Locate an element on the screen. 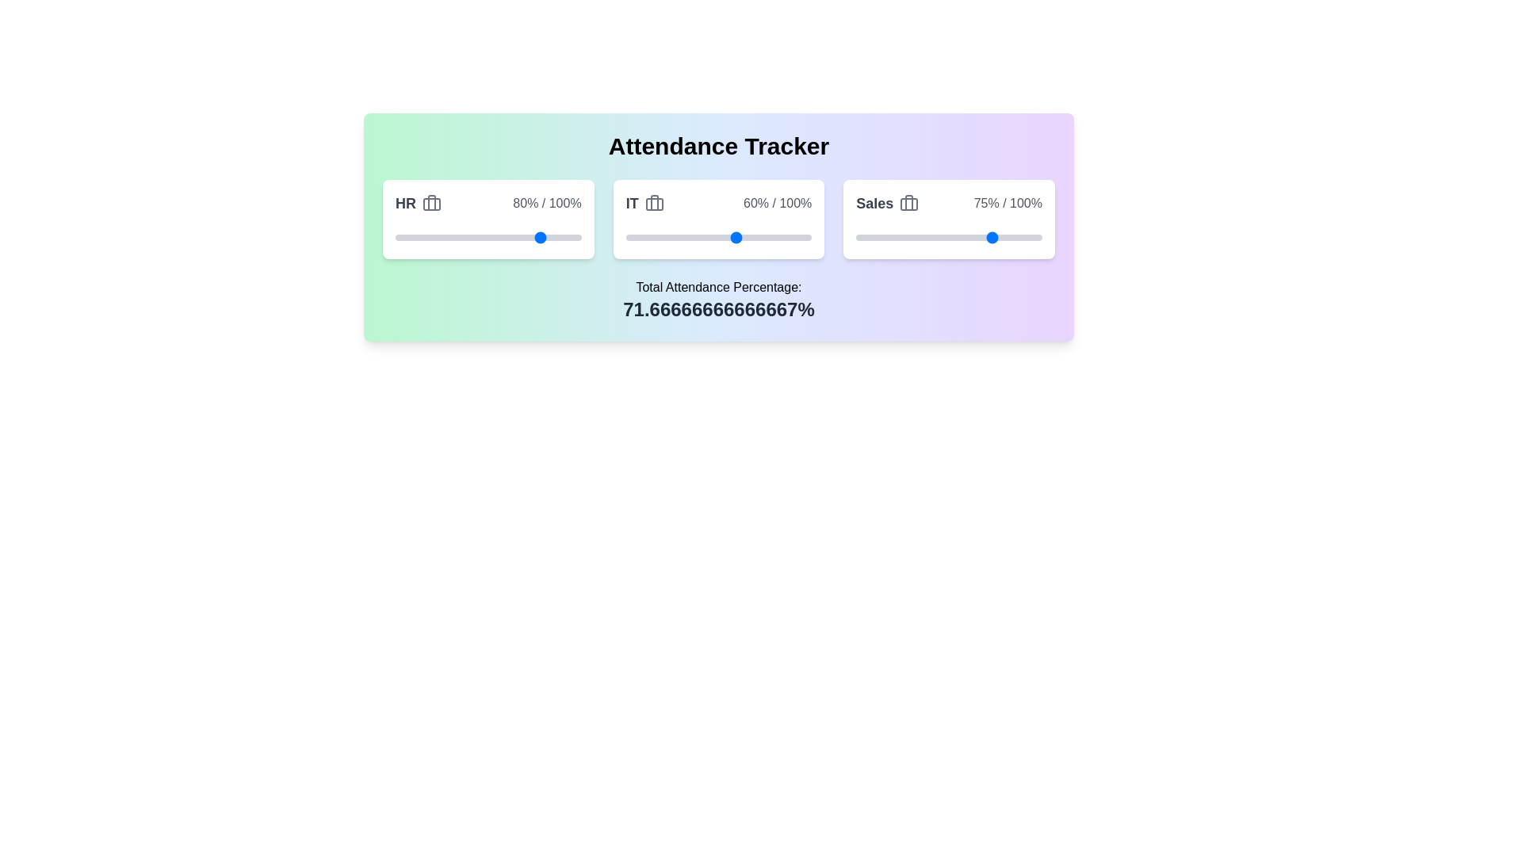 Image resolution: width=1522 pixels, height=856 pixels. the HR slider is located at coordinates (407, 238).